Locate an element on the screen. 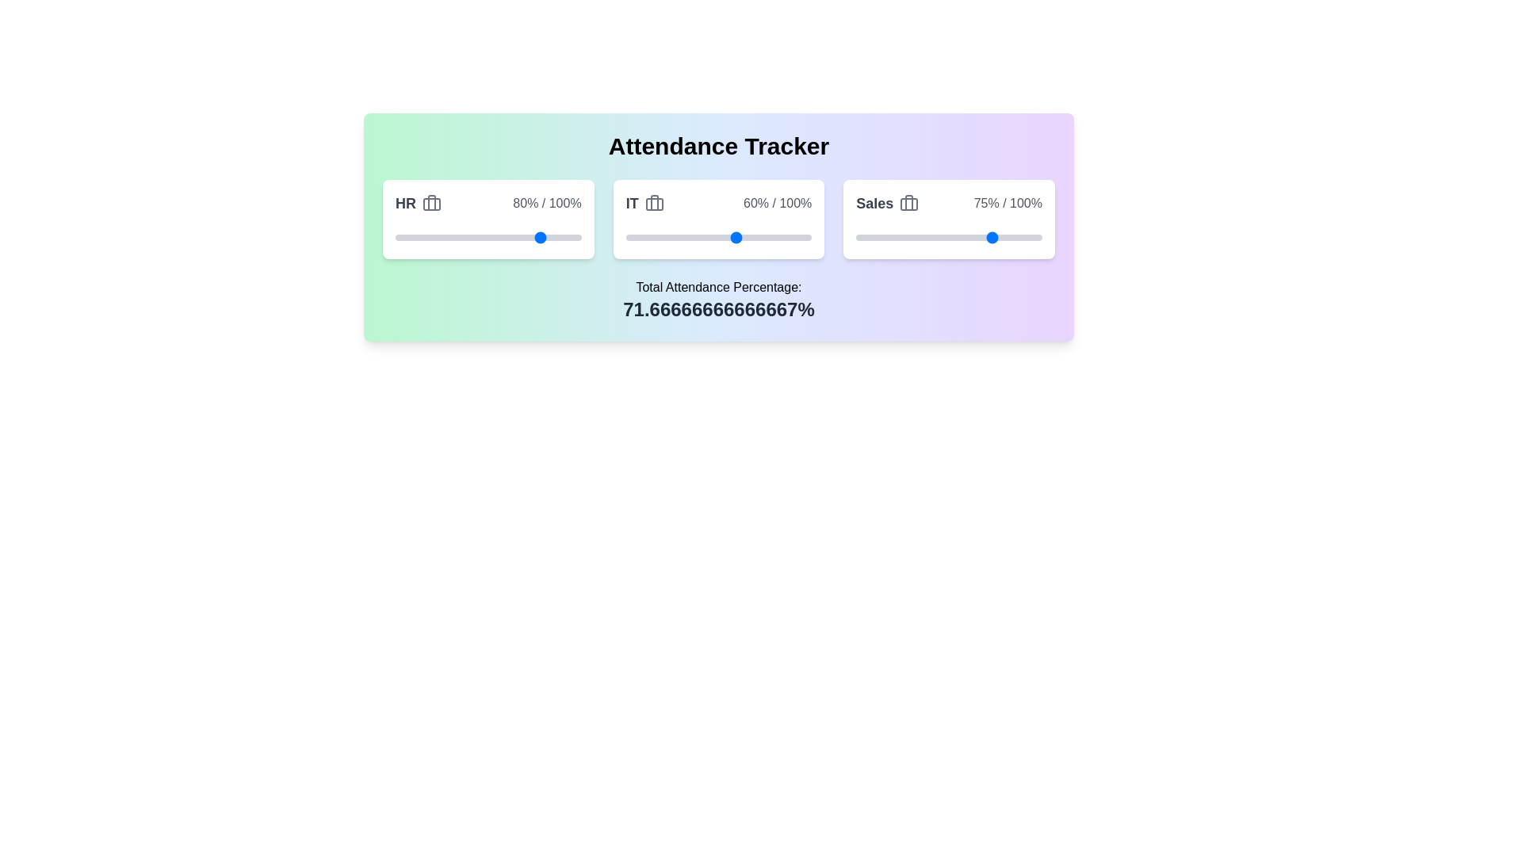 Image resolution: width=1522 pixels, height=856 pixels. the HR slider is located at coordinates (407, 238).